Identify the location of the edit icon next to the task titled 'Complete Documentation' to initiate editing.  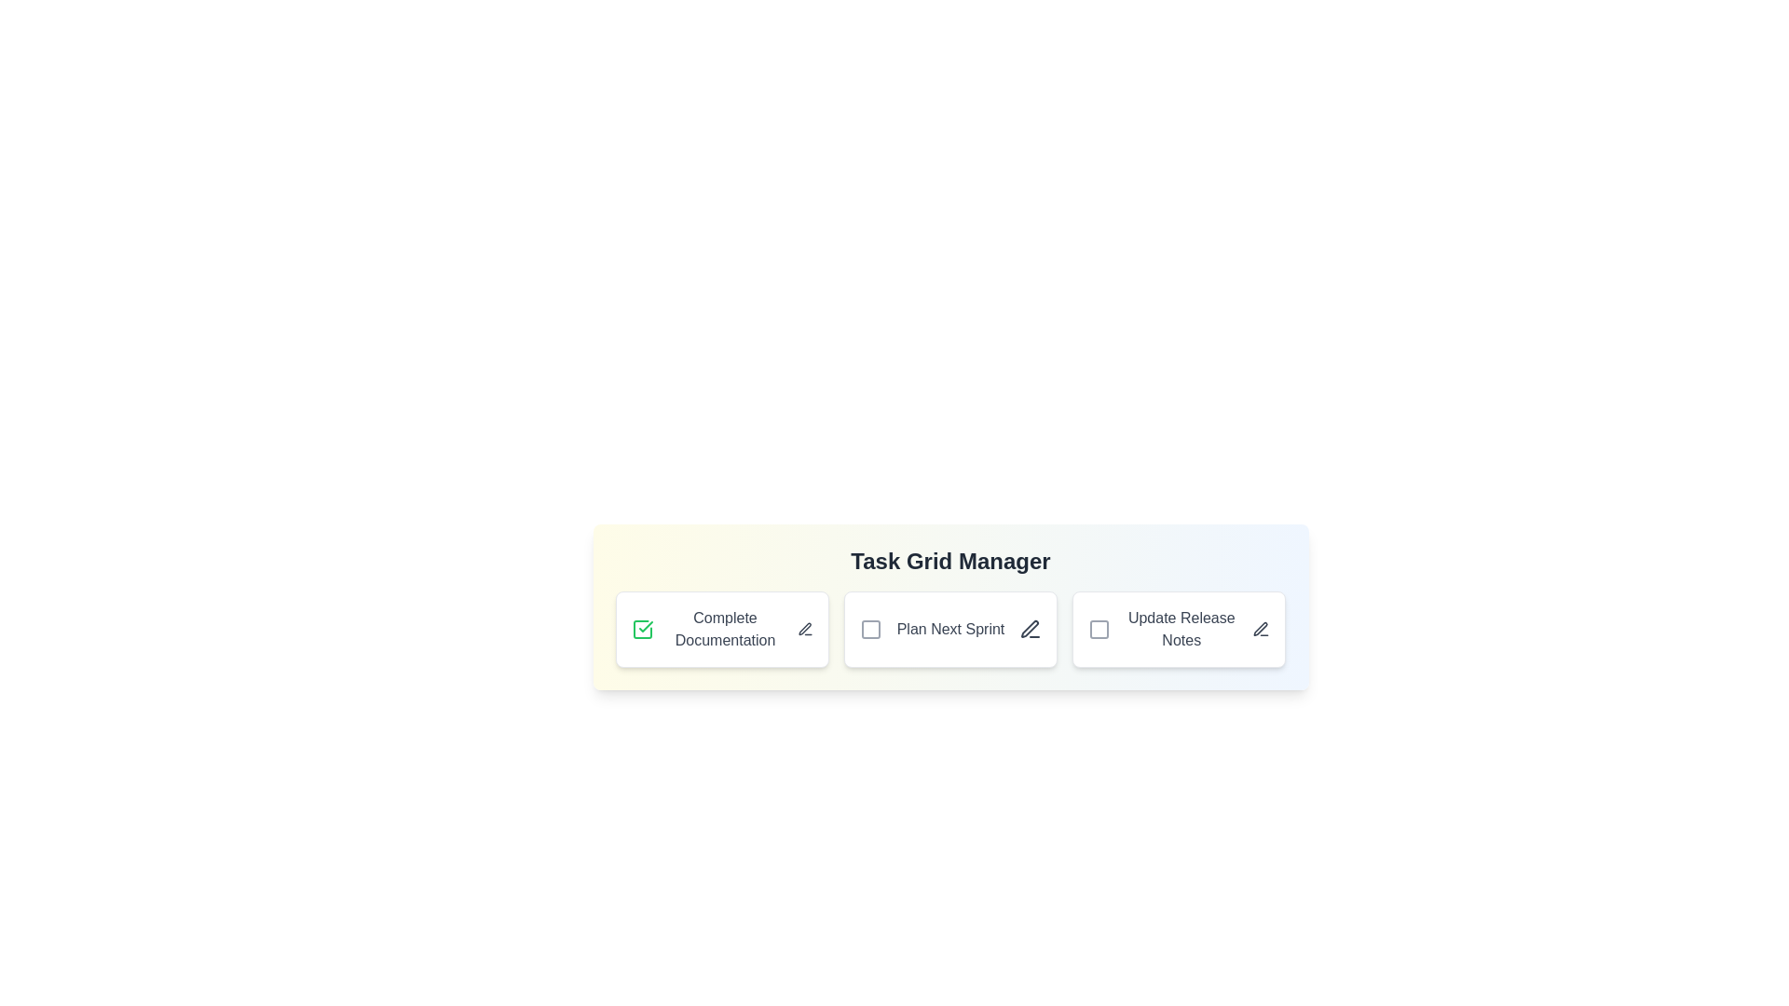
(805, 629).